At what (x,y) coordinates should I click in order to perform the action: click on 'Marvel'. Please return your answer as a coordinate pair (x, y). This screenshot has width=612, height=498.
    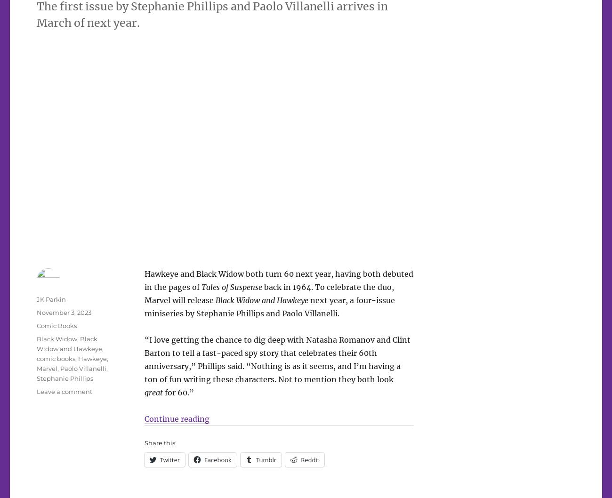
    Looking at the image, I should click on (47, 369).